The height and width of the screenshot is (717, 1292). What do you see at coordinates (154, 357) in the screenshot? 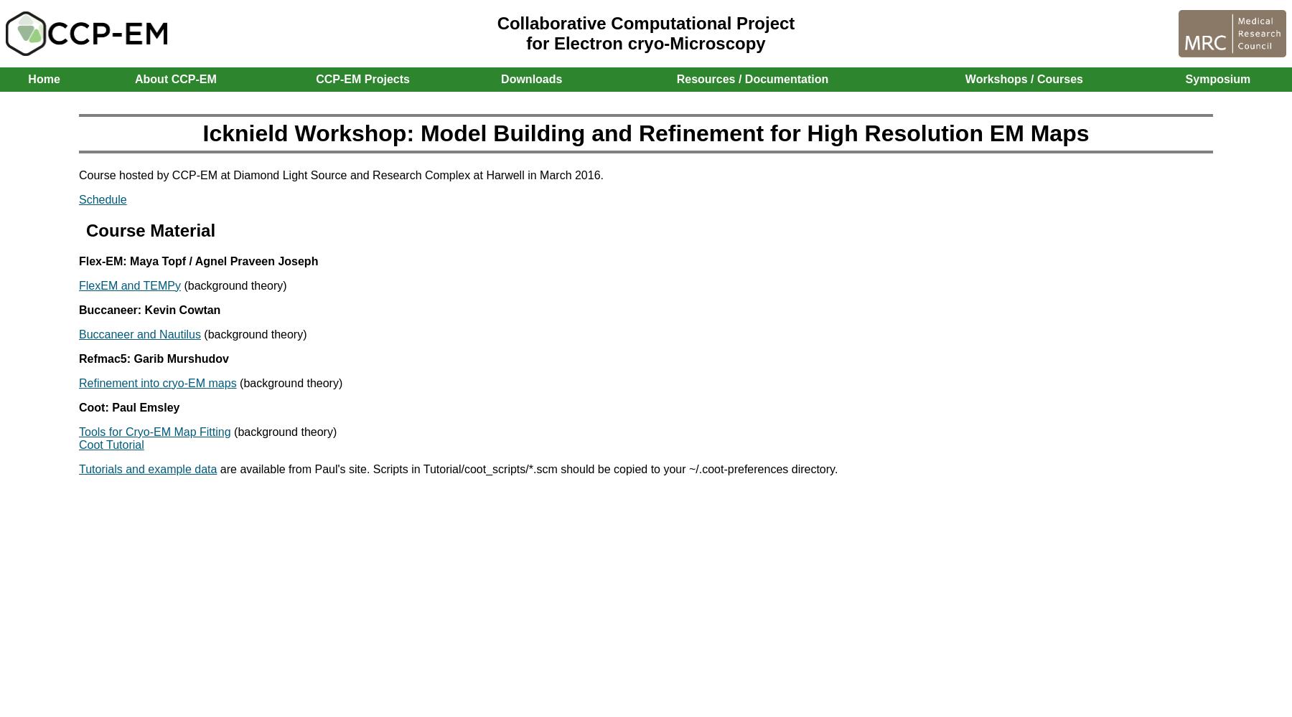
I see `'Refmac5: Garib Murshudov'` at bounding box center [154, 357].